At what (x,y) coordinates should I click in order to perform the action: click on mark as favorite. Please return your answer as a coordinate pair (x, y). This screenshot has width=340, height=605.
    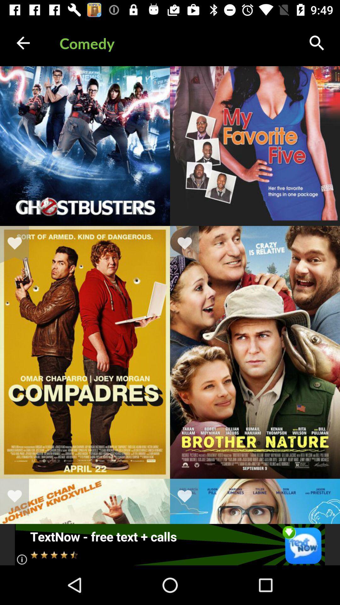
    Looking at the image, I should click on (188, 497).